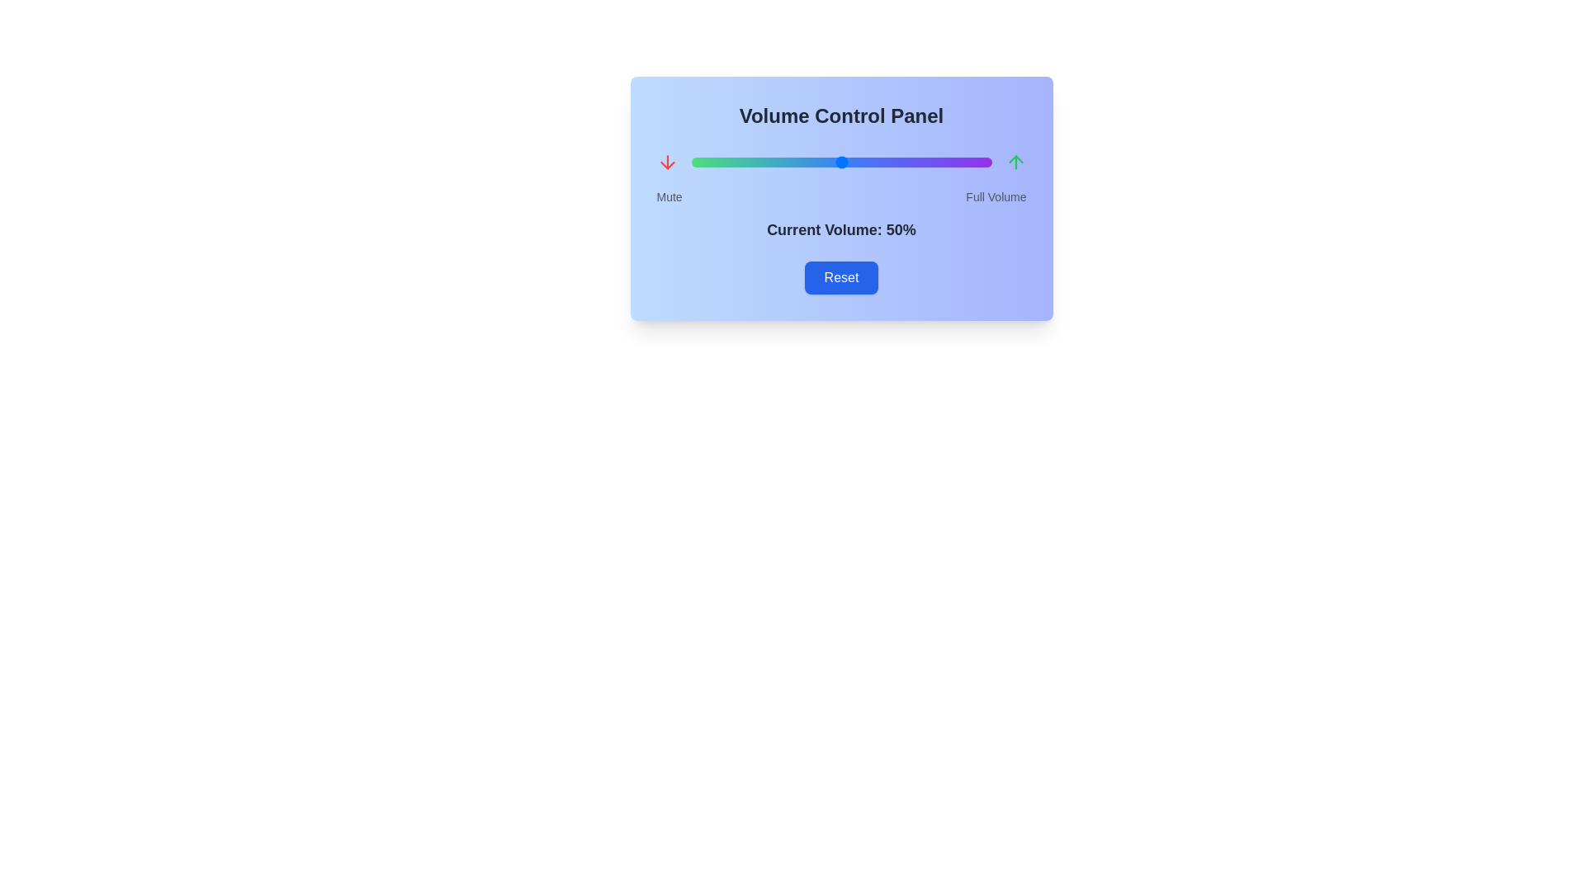 The image size is (1585, 891). What do you see at coordinates (977, 162) in the screenshot?
I see `the volume slider to set the volume to 95%` at bounding box center [977, 162].